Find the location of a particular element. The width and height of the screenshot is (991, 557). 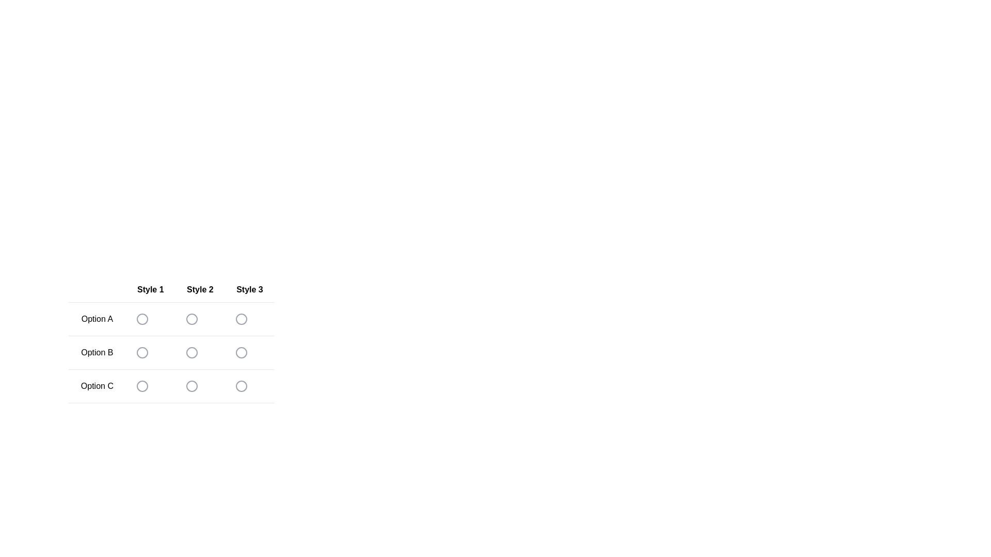

the radio button for 'Option A' under the 'Style 1' column is located at coordinates (141, 318).